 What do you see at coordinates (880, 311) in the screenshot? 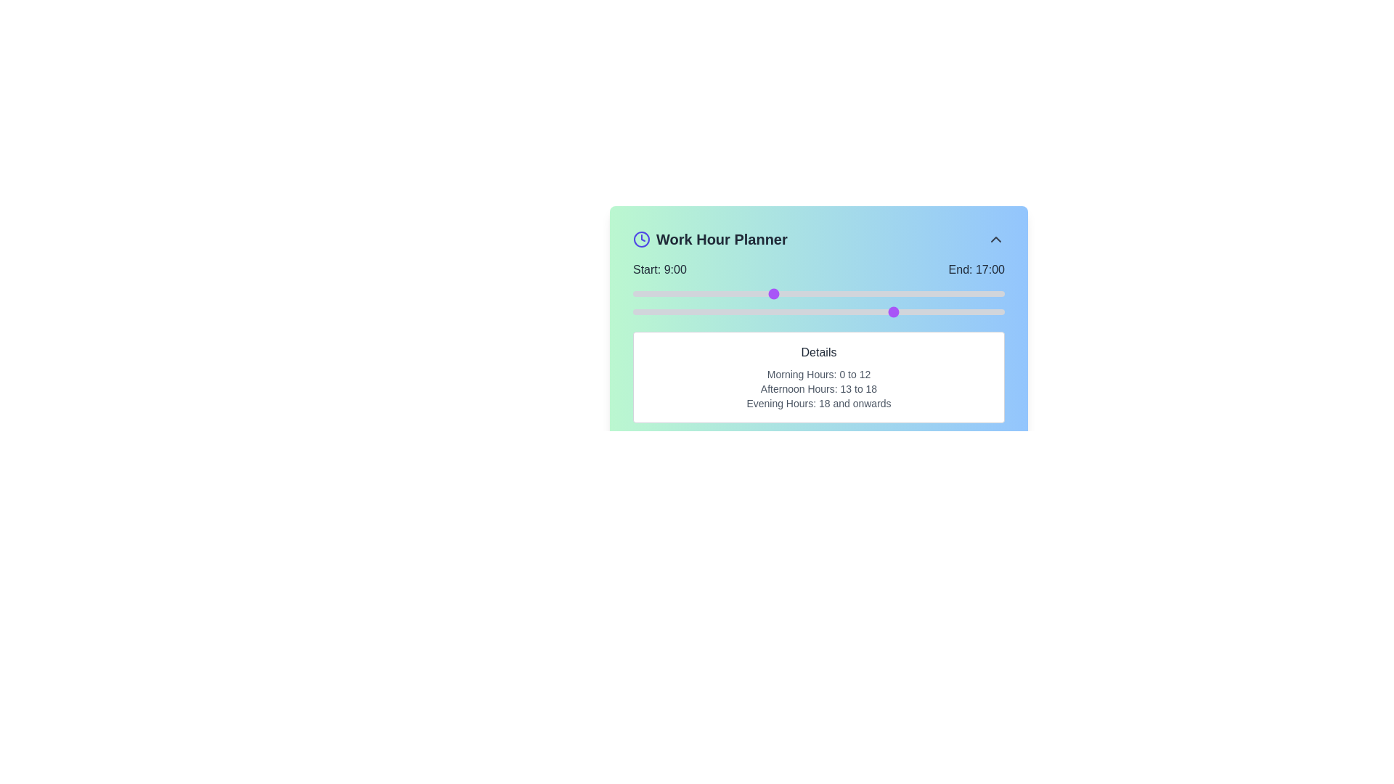
I see `the end time slider to 16 hours` at bounding box center [880, 311].